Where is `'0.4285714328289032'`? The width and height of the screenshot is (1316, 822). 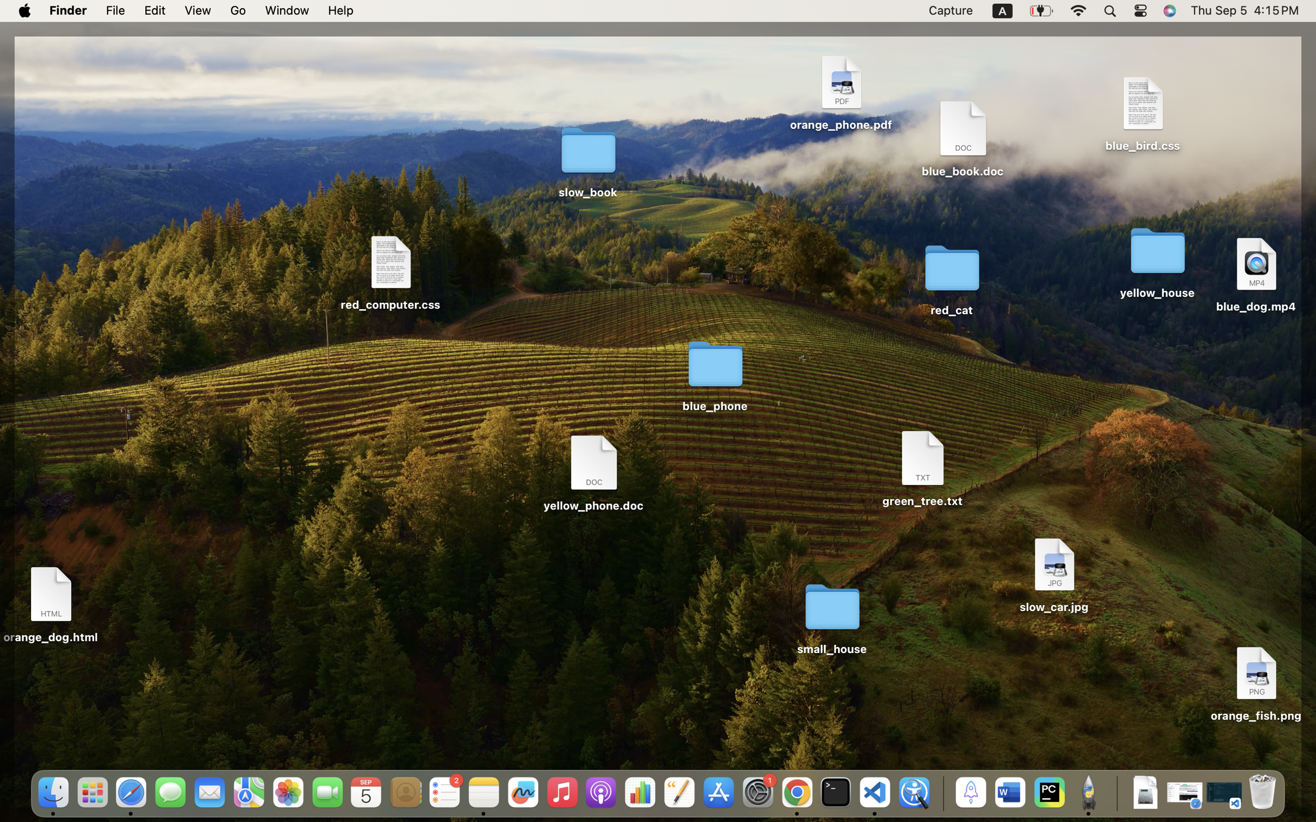
'0.4285714328289032' is located at coordinates (941, 793).